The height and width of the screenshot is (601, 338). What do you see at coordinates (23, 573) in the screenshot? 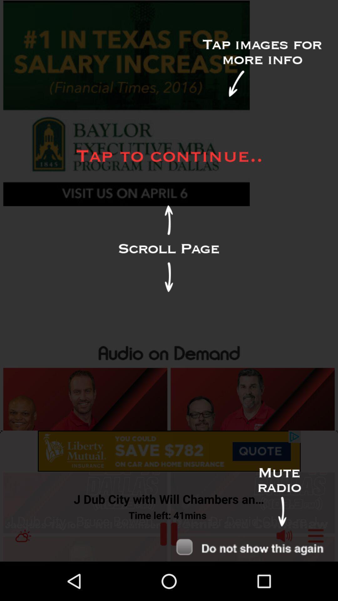
I see `the weather icon` at bounding box center [23, 573].